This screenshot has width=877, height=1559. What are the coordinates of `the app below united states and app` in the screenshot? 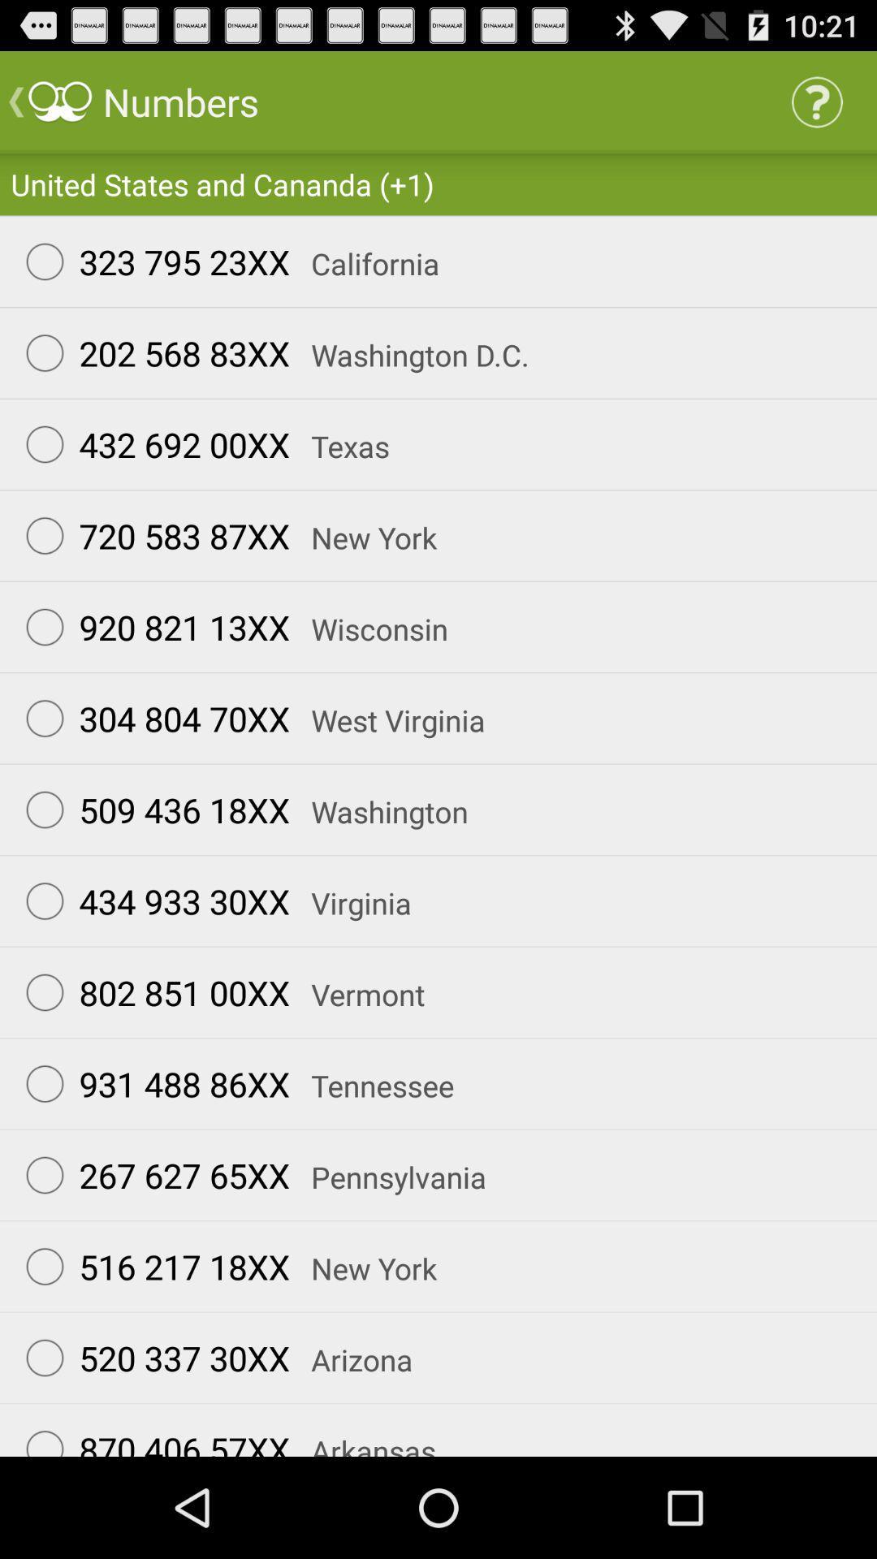 It's located at (150, 261).